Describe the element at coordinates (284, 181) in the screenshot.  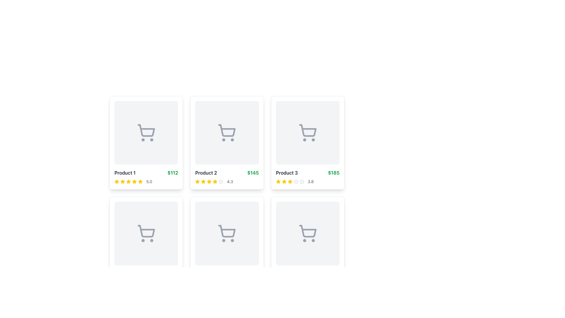
I see `the third star icon in the product rating system for 'Product 3', which is indicated by its bright yellow color and located to the right of the '3.8' numerical rating` at that location.